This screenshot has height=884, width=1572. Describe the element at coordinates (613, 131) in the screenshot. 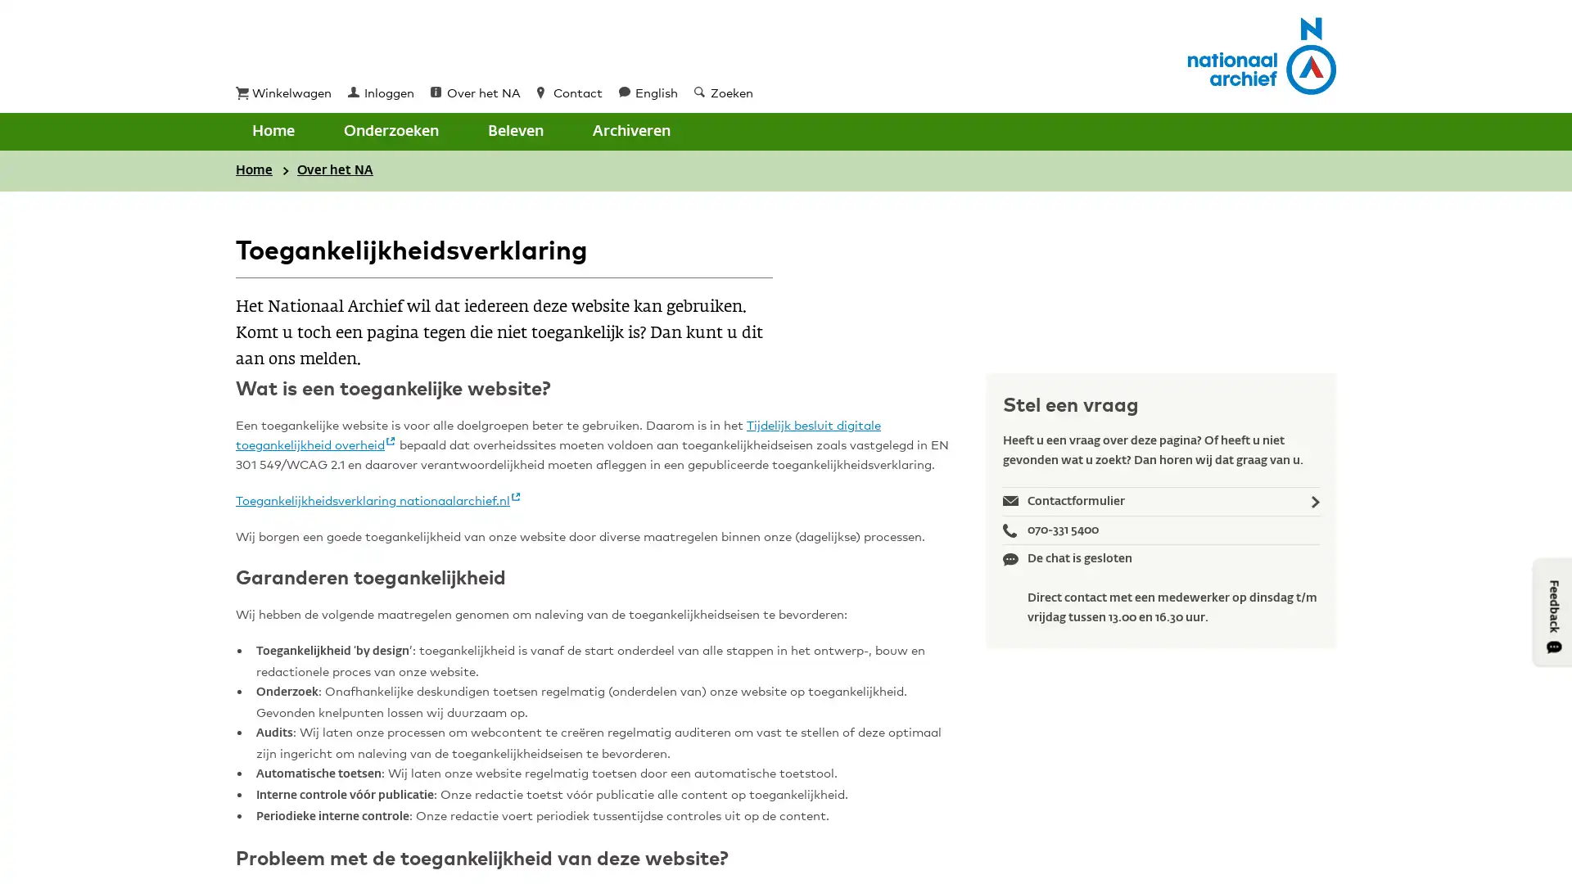

I see `Zoeken` at that location.